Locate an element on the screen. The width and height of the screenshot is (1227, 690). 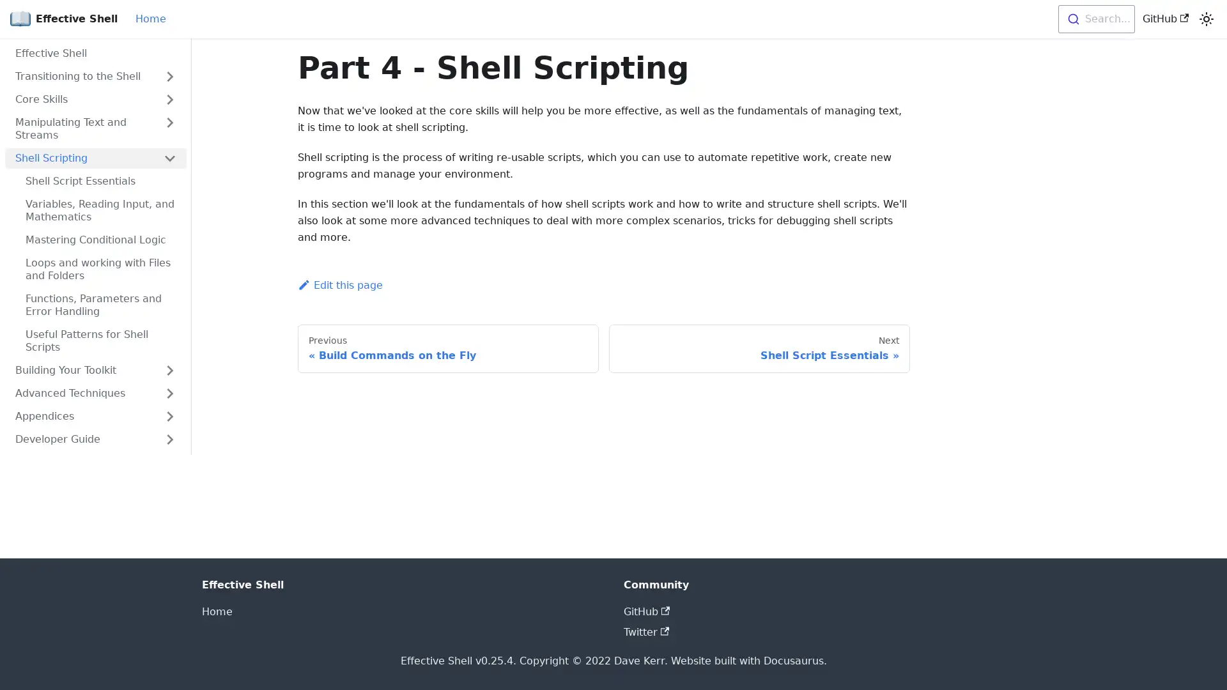
Toggle the collapsible sidebar category 'Shell Scripting' is located at coordinates (169, 157).